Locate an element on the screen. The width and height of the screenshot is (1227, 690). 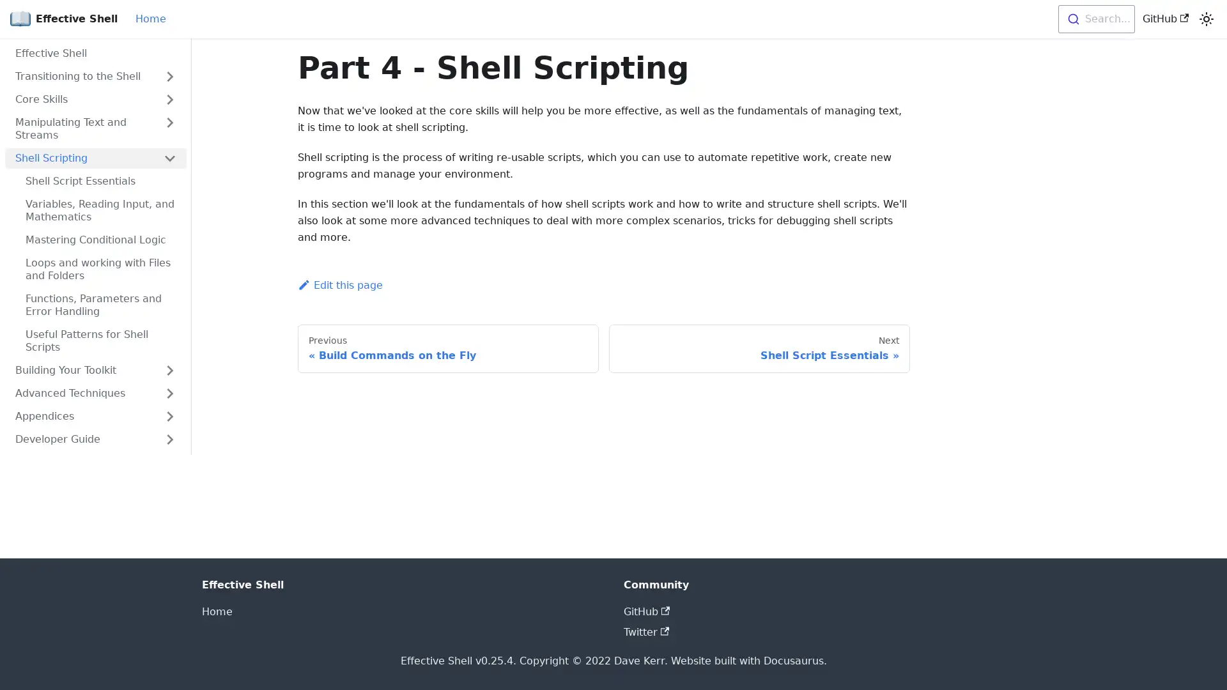
Toggle the collapsible sidebar category 'Shell Scripting' is located at coordinates (169, 157).